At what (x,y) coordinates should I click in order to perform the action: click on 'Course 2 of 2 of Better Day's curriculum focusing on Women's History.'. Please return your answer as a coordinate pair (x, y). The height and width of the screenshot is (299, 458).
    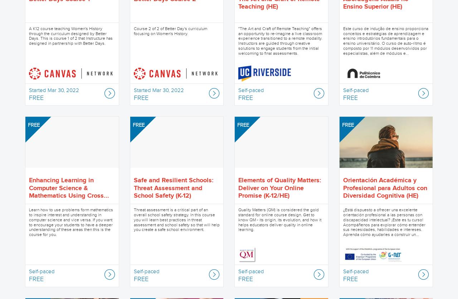
    Looking at the image, I should click on (170, 30).